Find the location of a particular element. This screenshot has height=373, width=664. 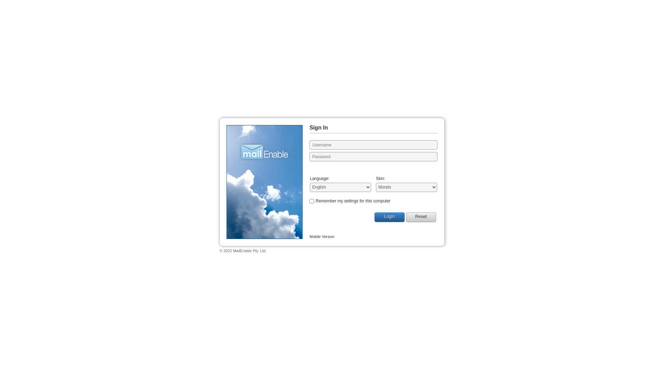

'Mobile Version' is located at coordinates (322, 236).